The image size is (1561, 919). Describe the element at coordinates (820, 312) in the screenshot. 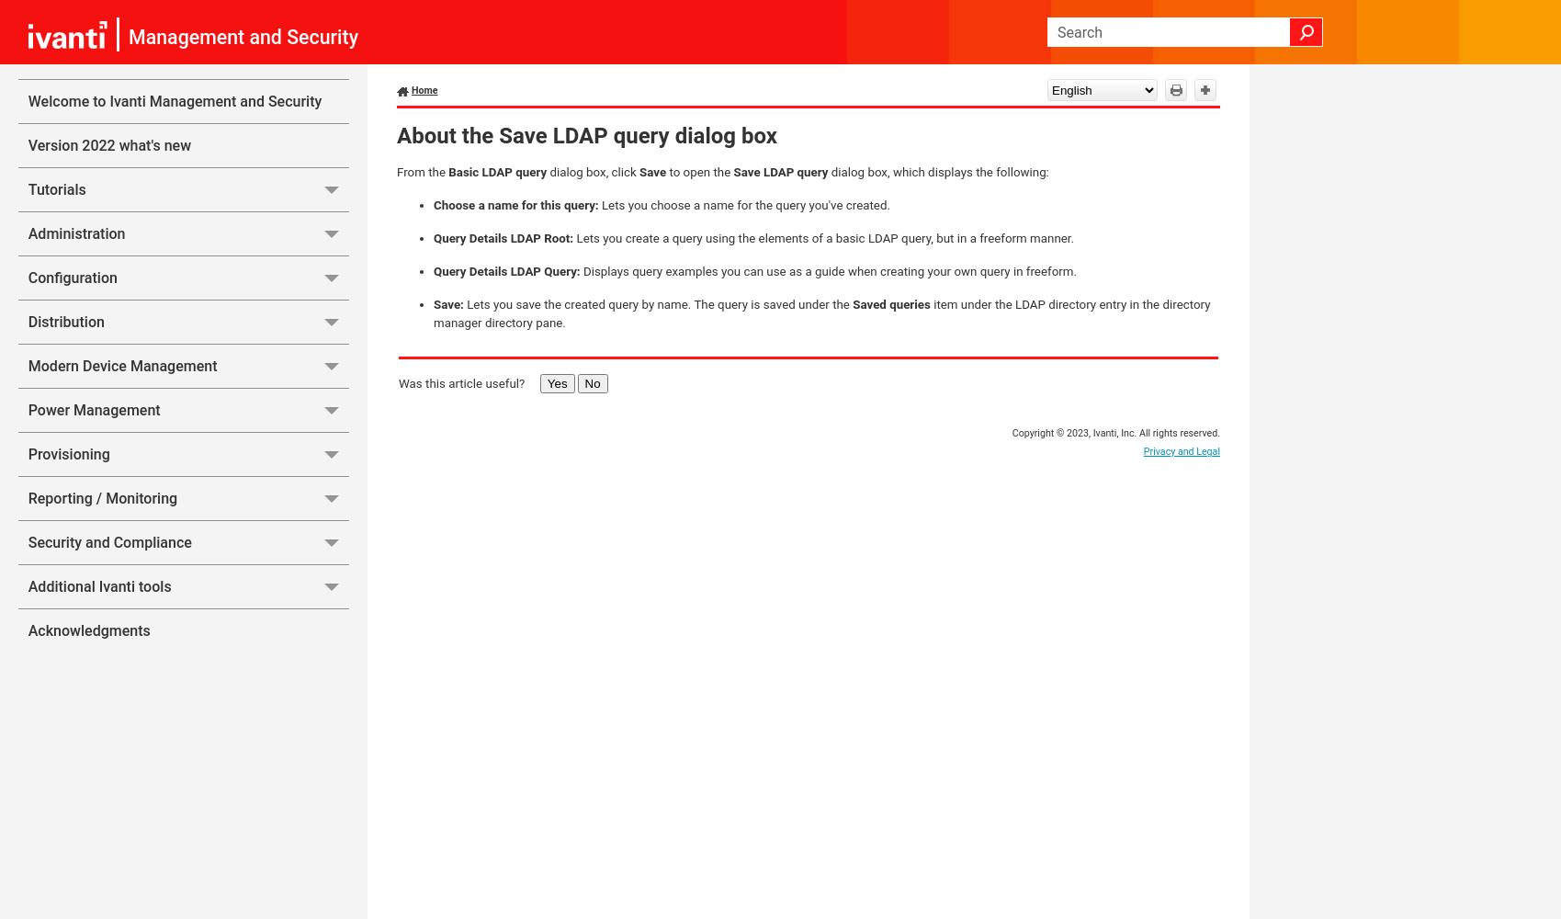

I see `'item under the LDAP directory entry in the directory manager directory pane.'` at that location.